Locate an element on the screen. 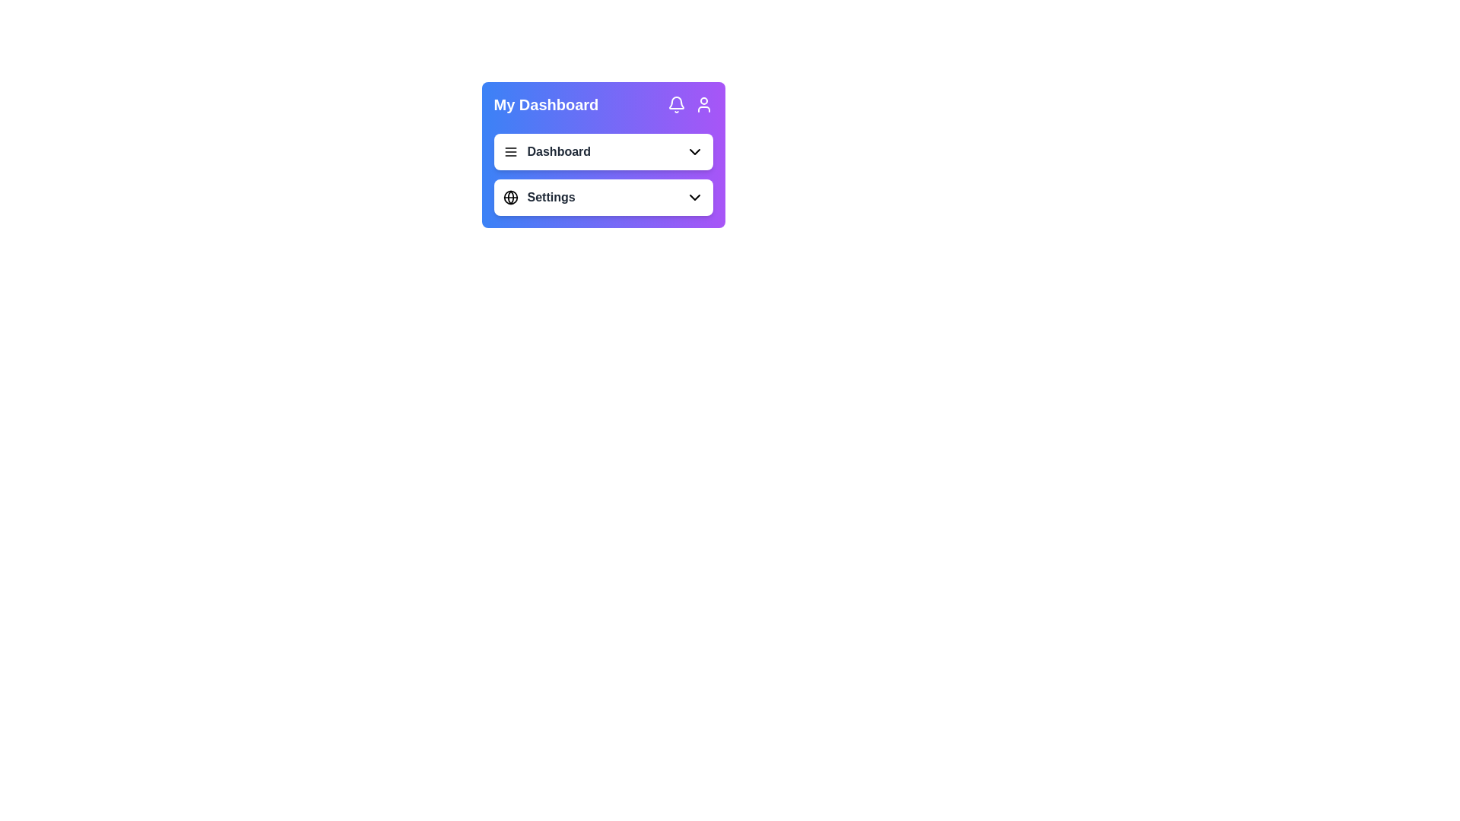  the 'Dashboard' dropdown menu item located is located at coordinates (547, 152).